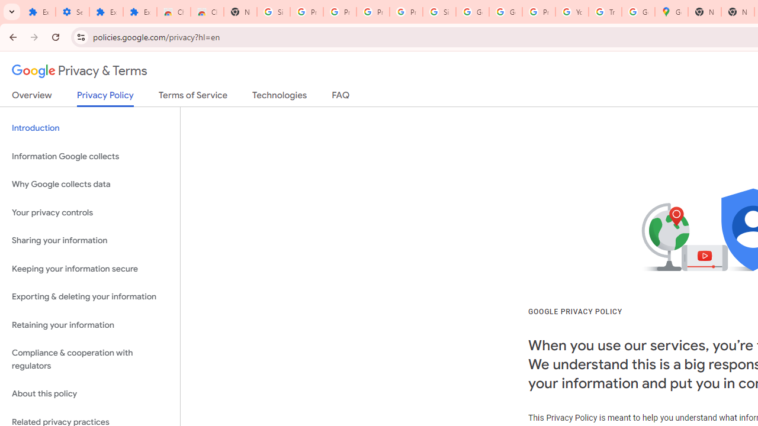 This screenshot has width=758, height=426. What do you see at coordinates (173, 12) in the screenshot?
I see `'Chrome Web Store'` at bounding box center [173, 12].